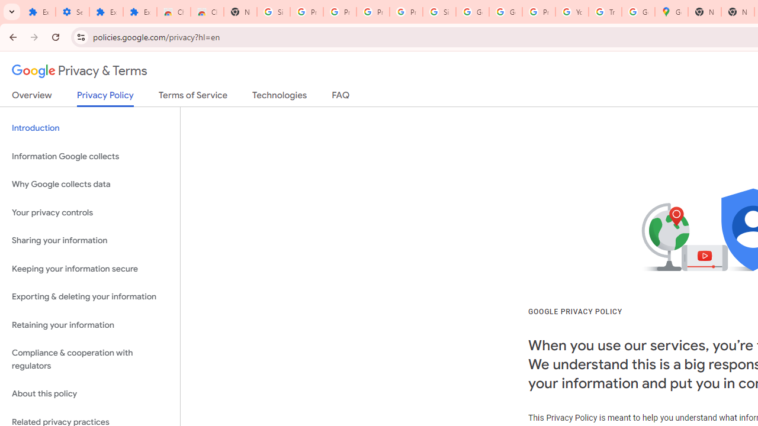 This screenshot has width=758, height=426. What do you see at coordinates (173, 12) in the screenshot?
I see `'Chrome Web Store'` at bounding box center [173, 12].